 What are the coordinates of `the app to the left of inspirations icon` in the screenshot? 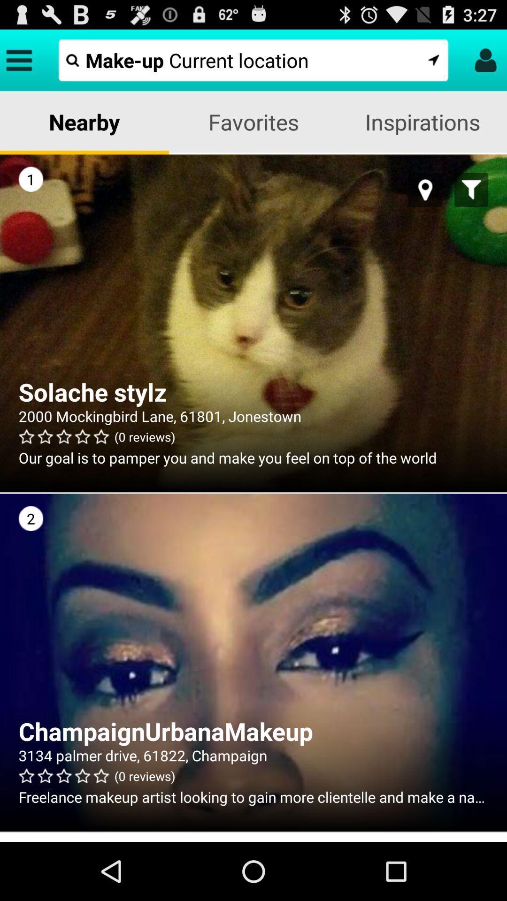 It's located at (253, 121).